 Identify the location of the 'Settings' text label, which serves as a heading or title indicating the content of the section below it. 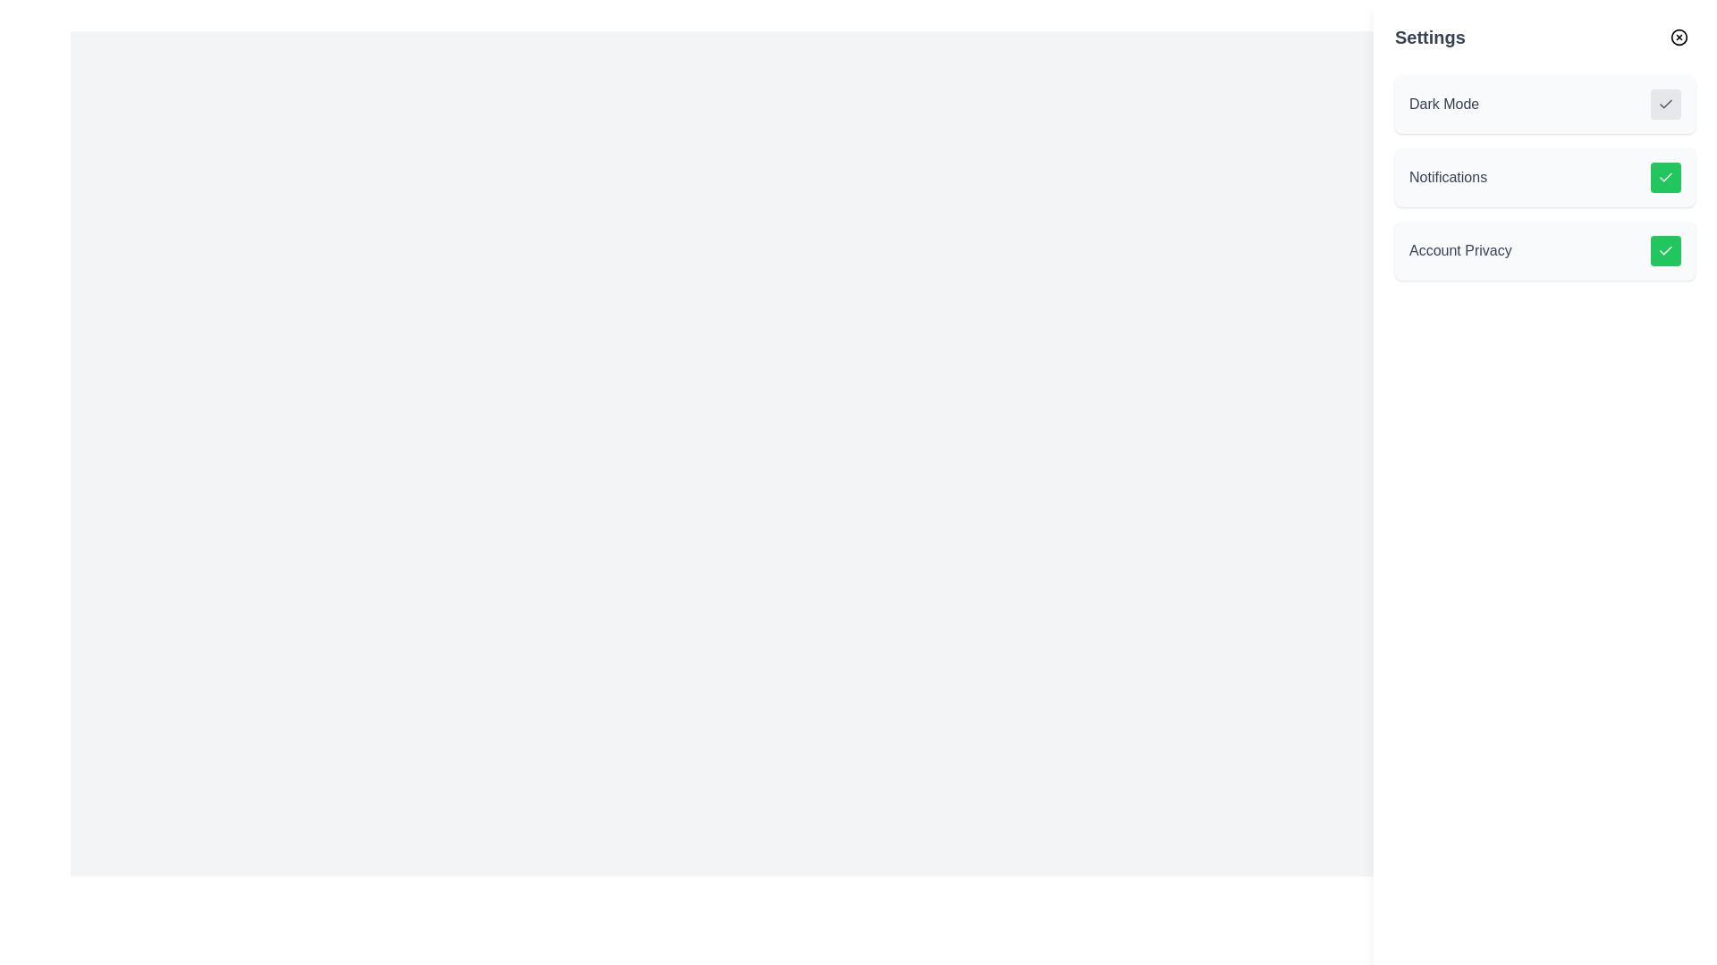
(1429, 38).